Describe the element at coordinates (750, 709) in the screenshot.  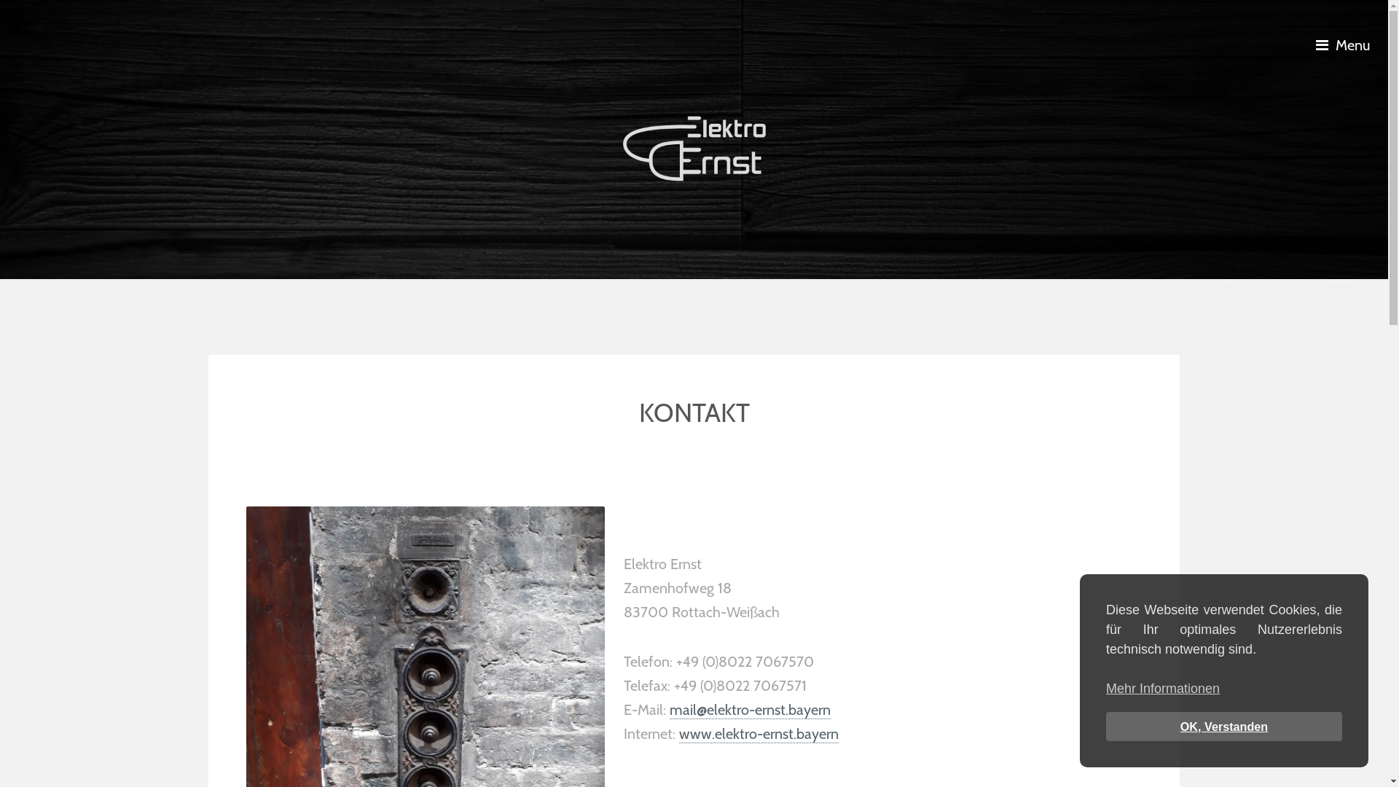
I see `'mail@elektro-ernst.bayern'` at that location.